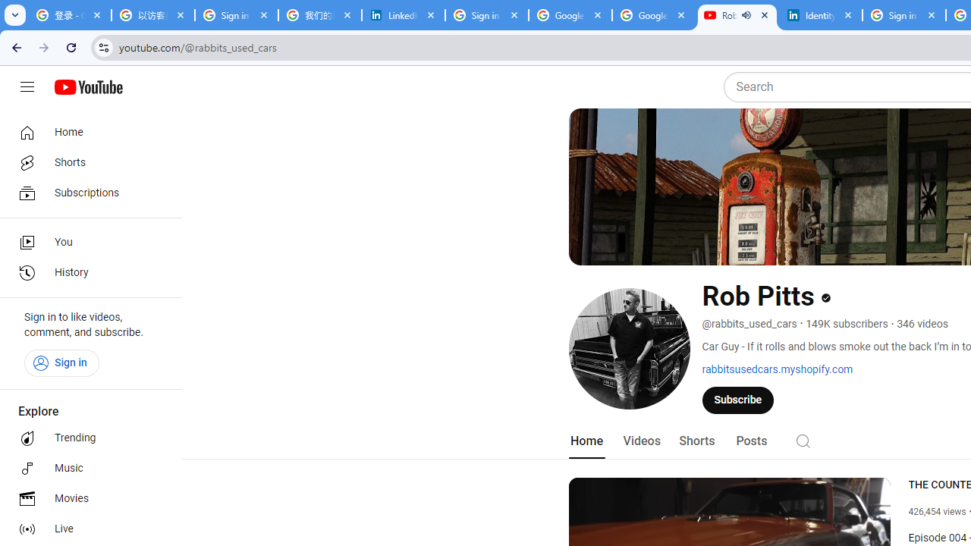  What do you see at coordinates (738, 399) in the screenshot?
I see `'Subscribe'` at bounding box center [738, 399].